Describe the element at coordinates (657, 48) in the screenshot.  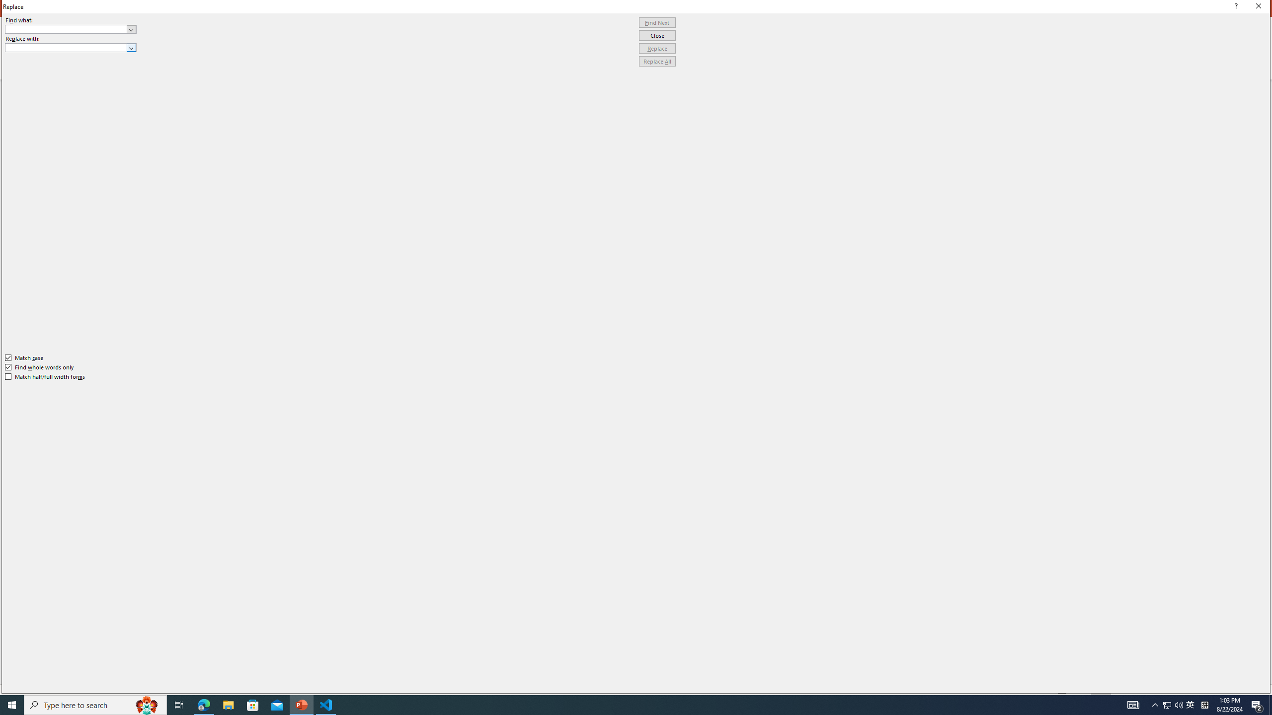
I see `'Replace'` at that location.